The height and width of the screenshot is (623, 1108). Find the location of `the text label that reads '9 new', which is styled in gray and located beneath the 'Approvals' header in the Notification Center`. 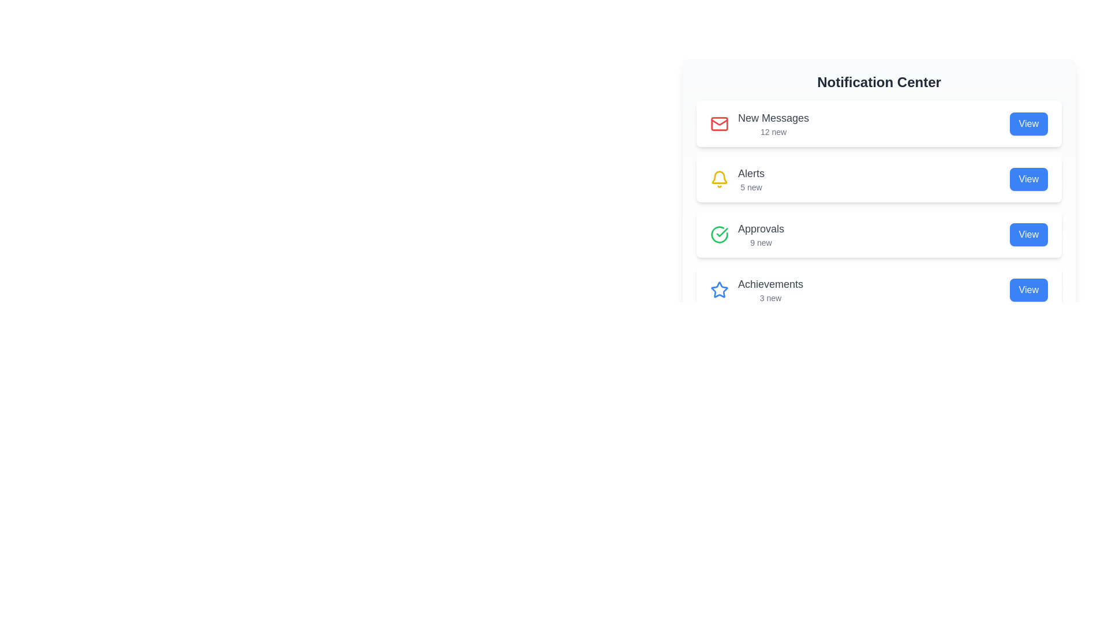

the text label that reads '9 new', which is styled in gray and located beneath the 'Approvals' header in the Notification Center is located at coordinates (761, 242).